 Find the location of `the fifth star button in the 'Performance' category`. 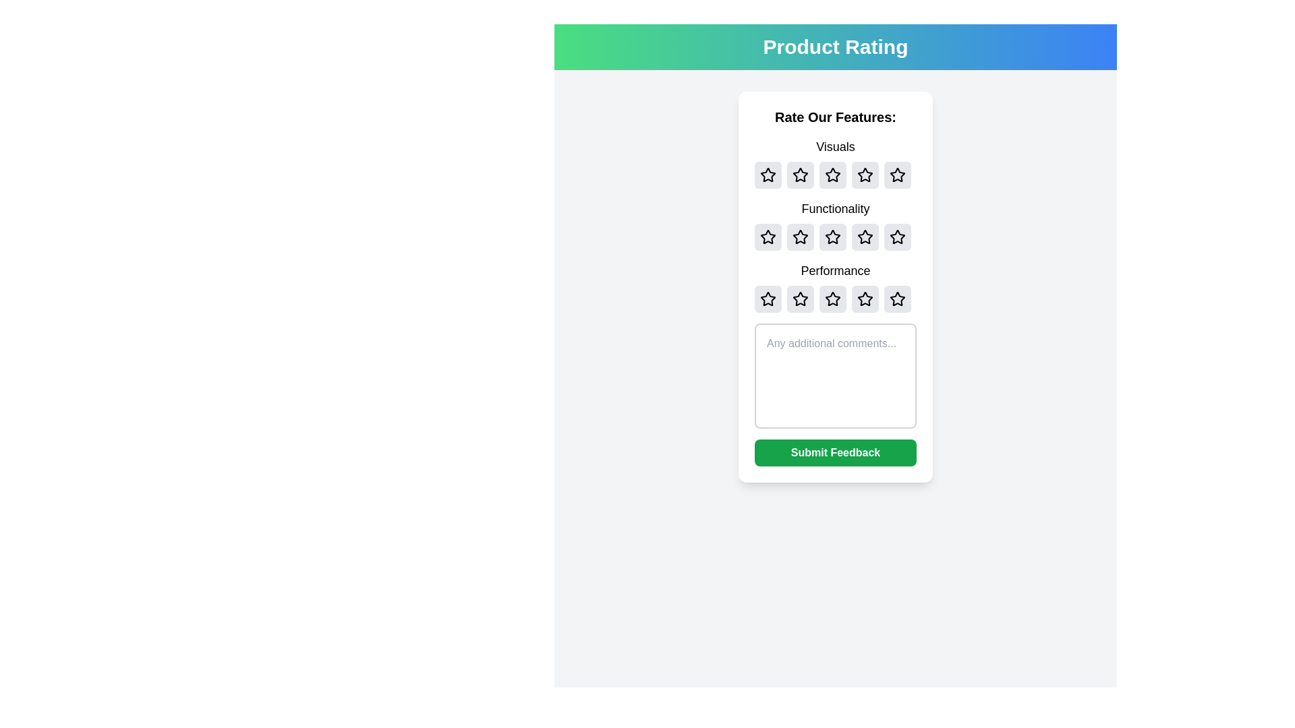

the fifth star button in the 'Performance' category is located at coordinates (897, 298).